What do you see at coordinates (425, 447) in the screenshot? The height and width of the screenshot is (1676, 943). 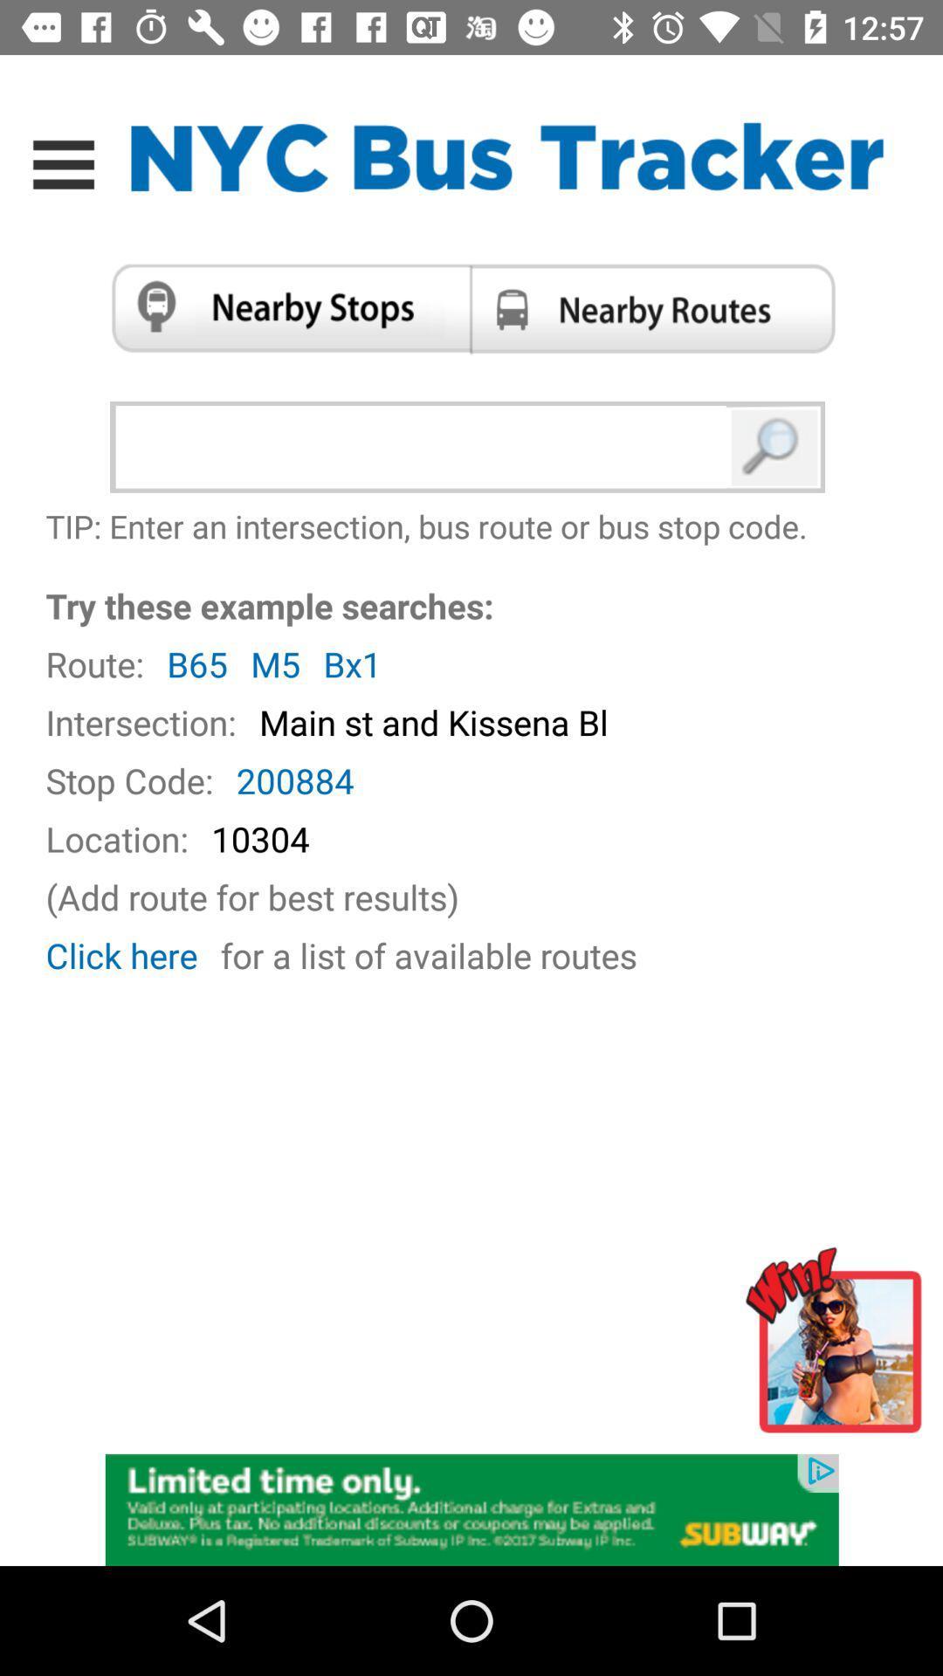 I see `bus route search box` at bounding box center [425, 447].